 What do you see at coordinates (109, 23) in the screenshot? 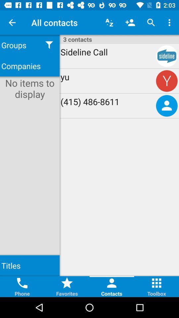
I see `icon above 3 contacts item` at bounding box center [109, 23].